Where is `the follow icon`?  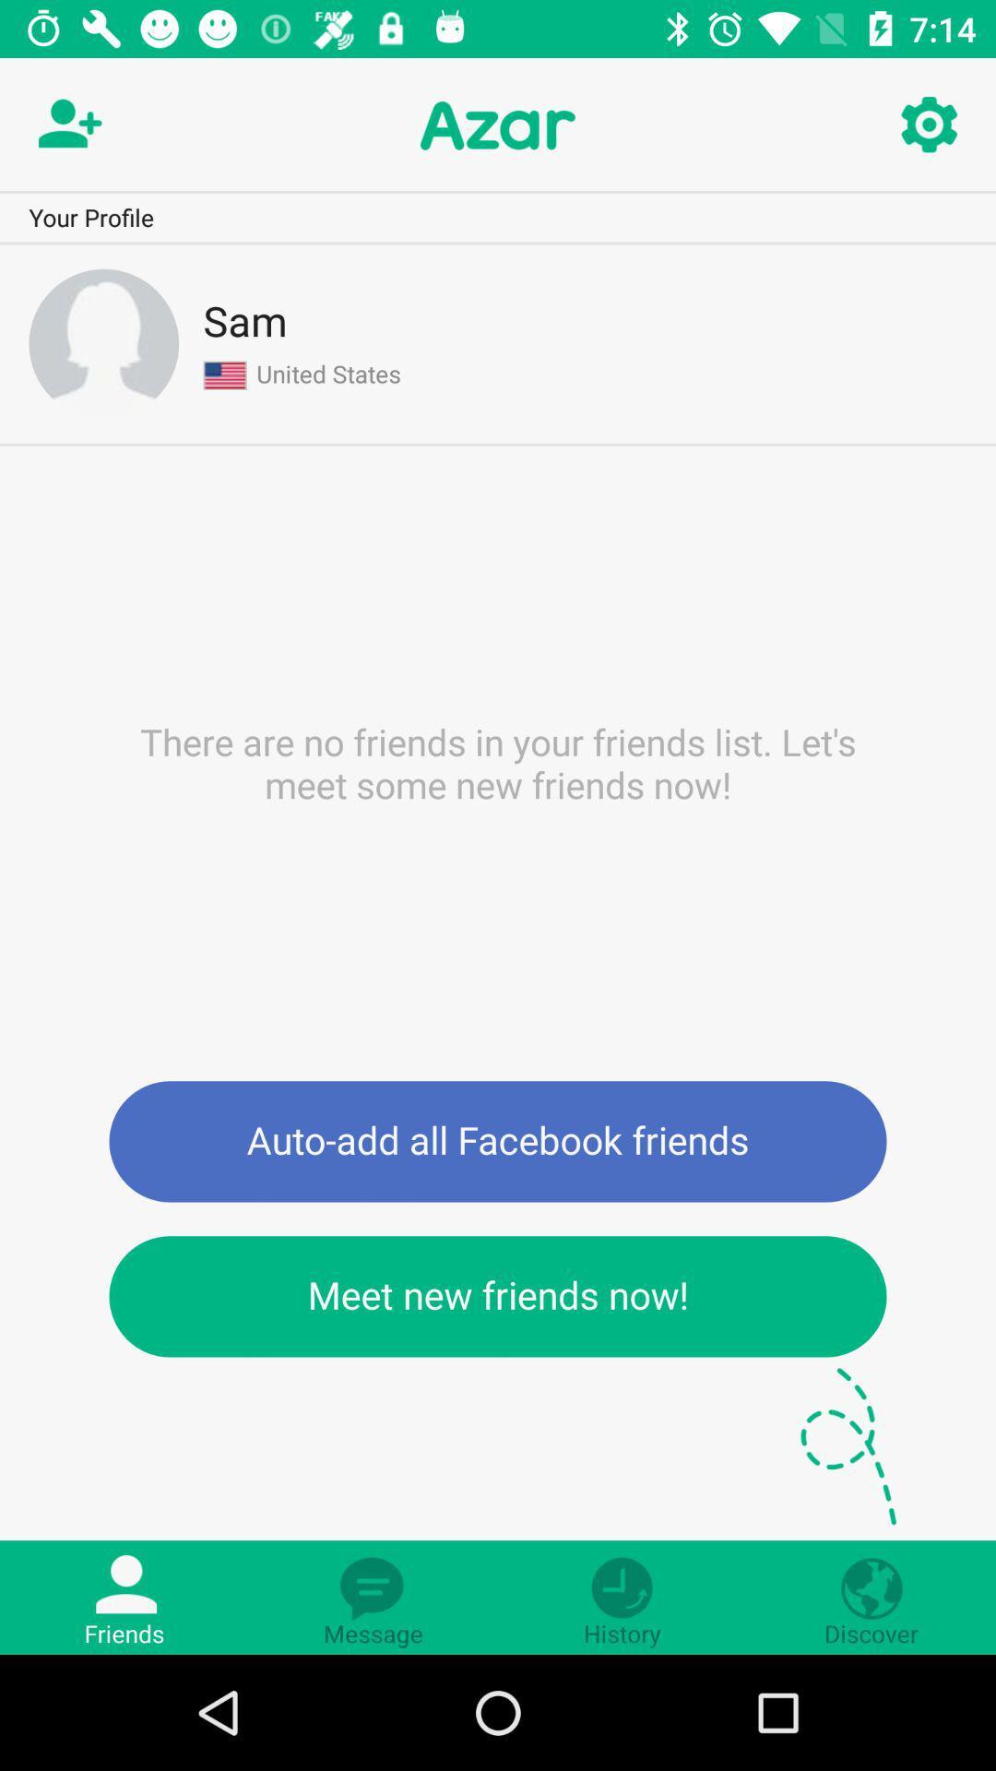 the follow icon is located at coordinates (66, 125).